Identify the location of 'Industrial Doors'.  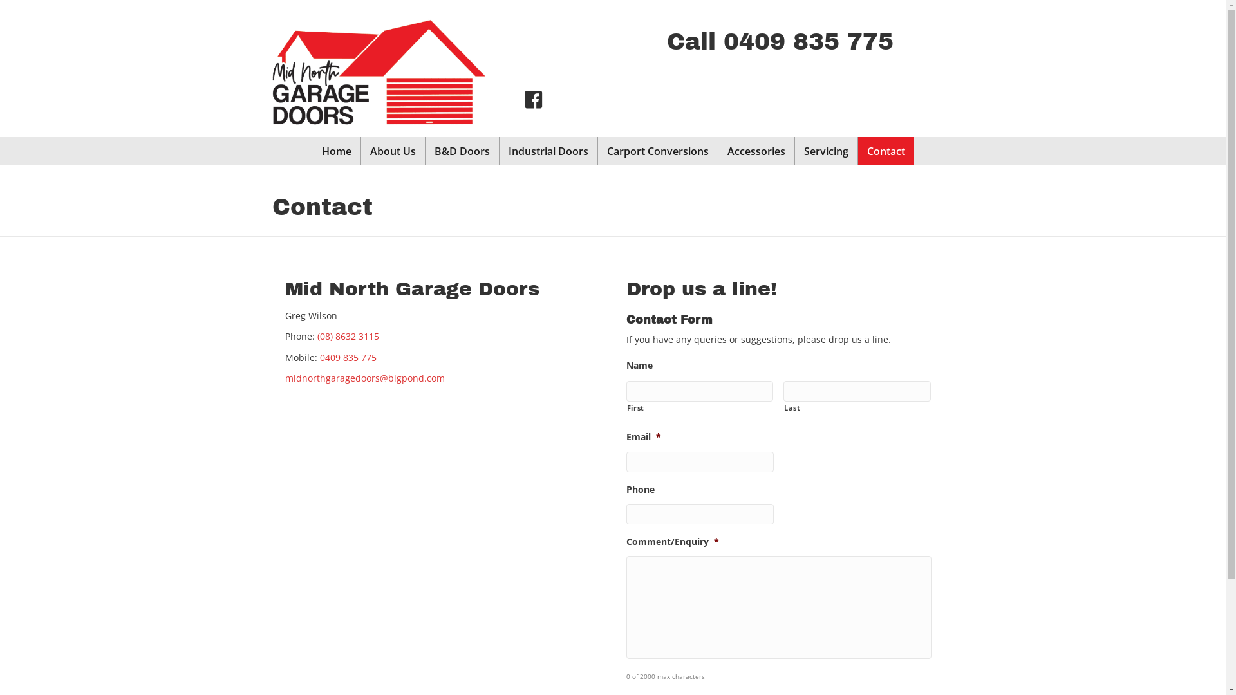
(499, 151).